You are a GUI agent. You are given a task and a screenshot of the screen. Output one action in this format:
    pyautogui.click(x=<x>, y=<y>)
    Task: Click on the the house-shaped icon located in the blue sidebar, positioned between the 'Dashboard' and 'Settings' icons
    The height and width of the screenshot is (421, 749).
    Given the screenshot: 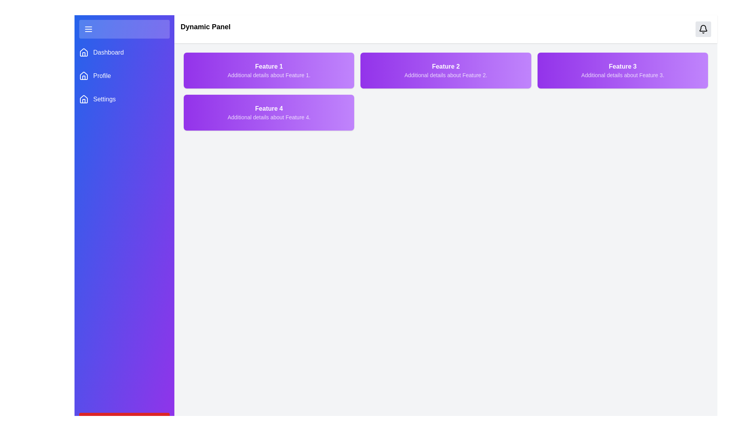 What is the action you would take?
    pyautogui.click(x=84, y=75)
    